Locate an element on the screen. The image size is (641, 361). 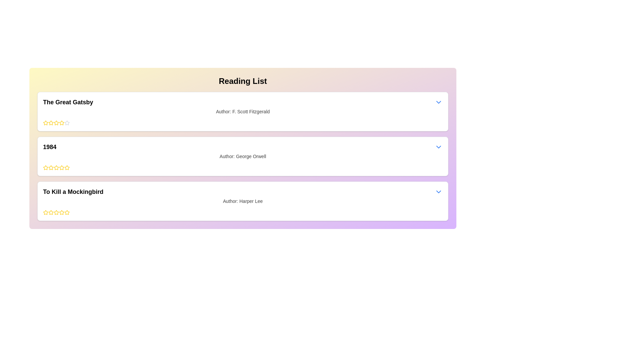
the first star icon in the rating system located below the title '1984' is located at coordinates (45, 167).